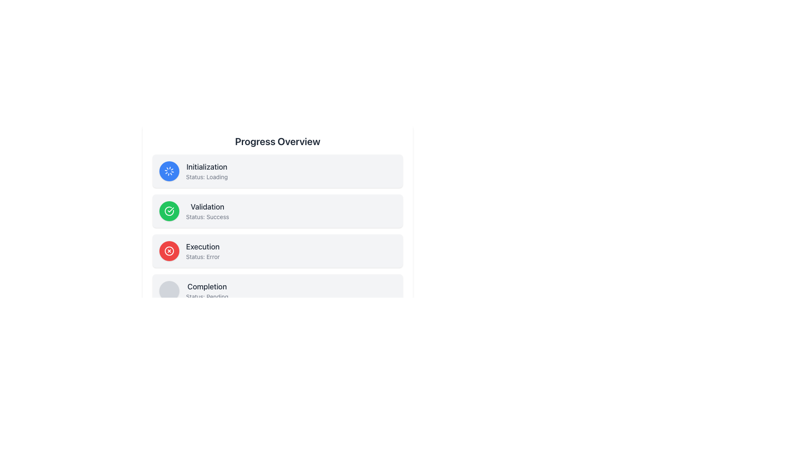 The width and height of the screenshot is (799, 449). What do you see at coordinates (169, 211) in the screenshot?
I see `the circular green icon with a white checkmark that signifies success, located to the left of the 'Validation' and 'Status: Success' text components in the second section of the list` at bounding box center [169, 211].